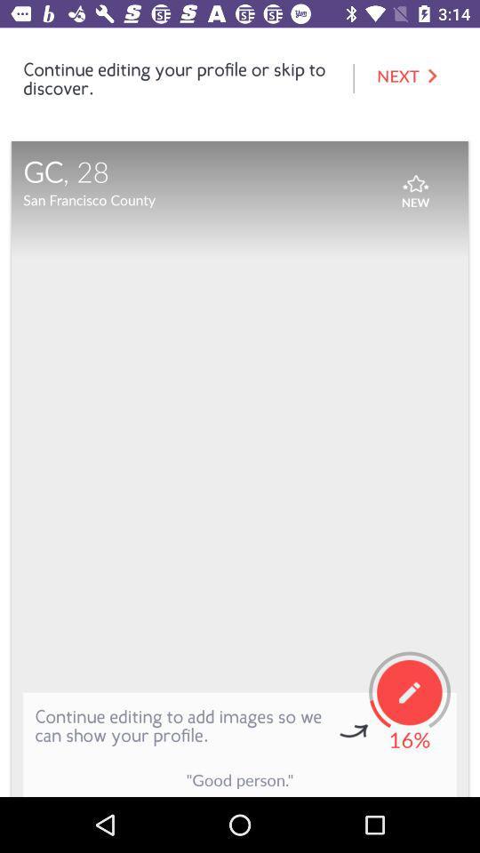  I want to click on on the icon above new, so click(415, 179).